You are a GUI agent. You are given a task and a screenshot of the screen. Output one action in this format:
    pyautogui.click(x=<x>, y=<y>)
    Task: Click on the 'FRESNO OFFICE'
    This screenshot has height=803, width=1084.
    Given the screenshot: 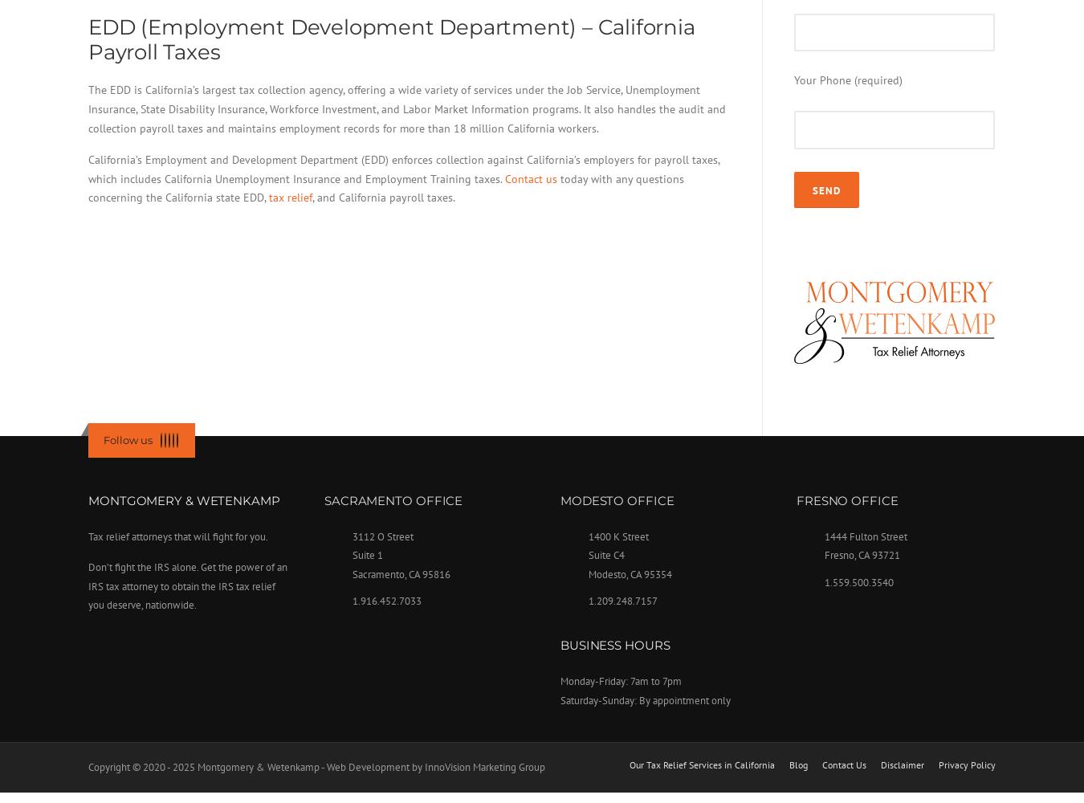 What is the action you would take?
    pyautogui.click(x=795, y=499)
    